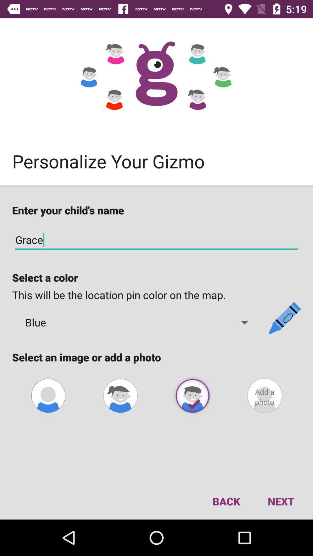 The width and height of the screenshot is (313, 556). What do you see at coordinates (48, 395) in the screenshot?
I see `the avatar icon` at bounding box center [48, 395].